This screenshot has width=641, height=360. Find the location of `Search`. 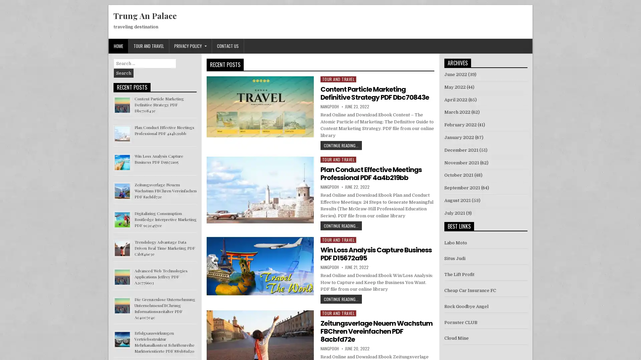

Search is located at coordinates (124, 73).